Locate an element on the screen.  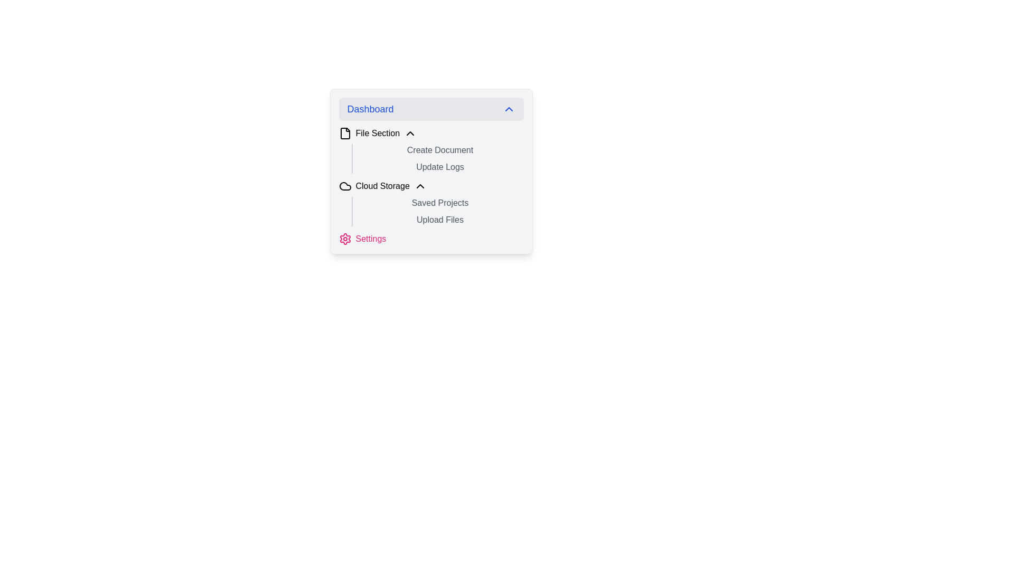
the 'Saved Projects' navigational link in the 'Cloud Storage' section of the sidebar menu is located at coordinates (438, 203).